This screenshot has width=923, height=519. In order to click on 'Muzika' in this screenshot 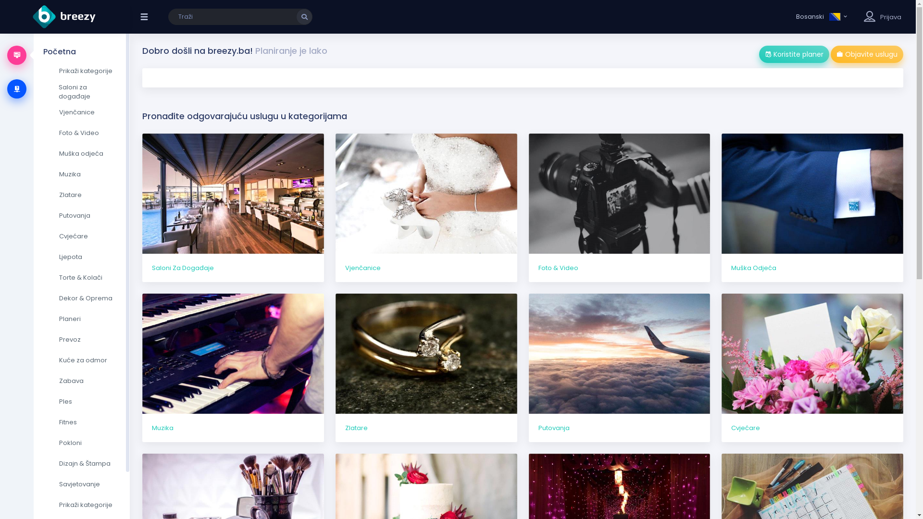, I will do `click(81, 174)`.